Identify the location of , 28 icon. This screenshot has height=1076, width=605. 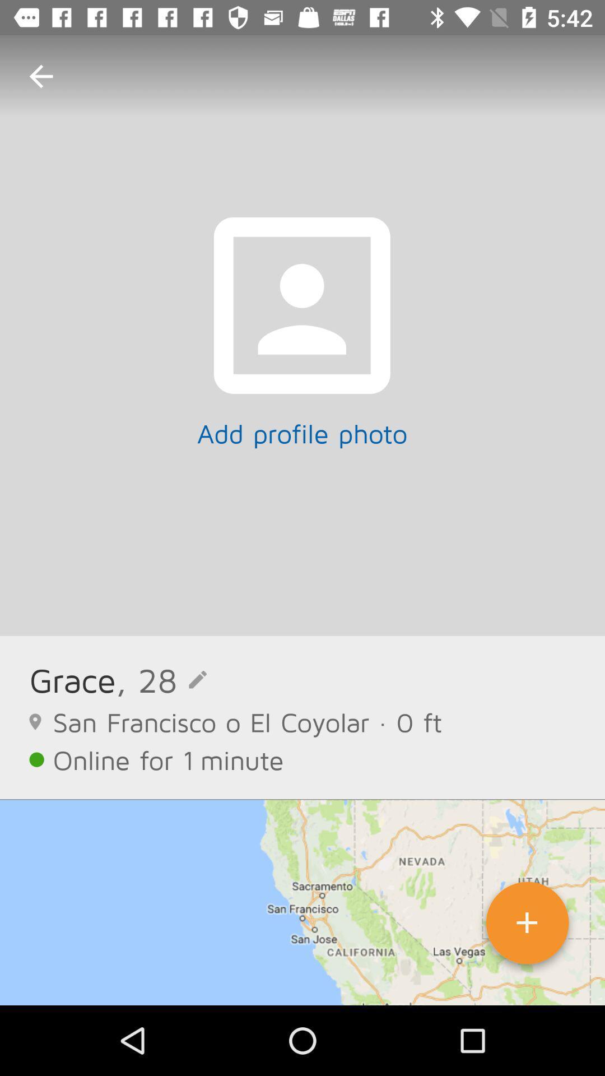
(161, 679).